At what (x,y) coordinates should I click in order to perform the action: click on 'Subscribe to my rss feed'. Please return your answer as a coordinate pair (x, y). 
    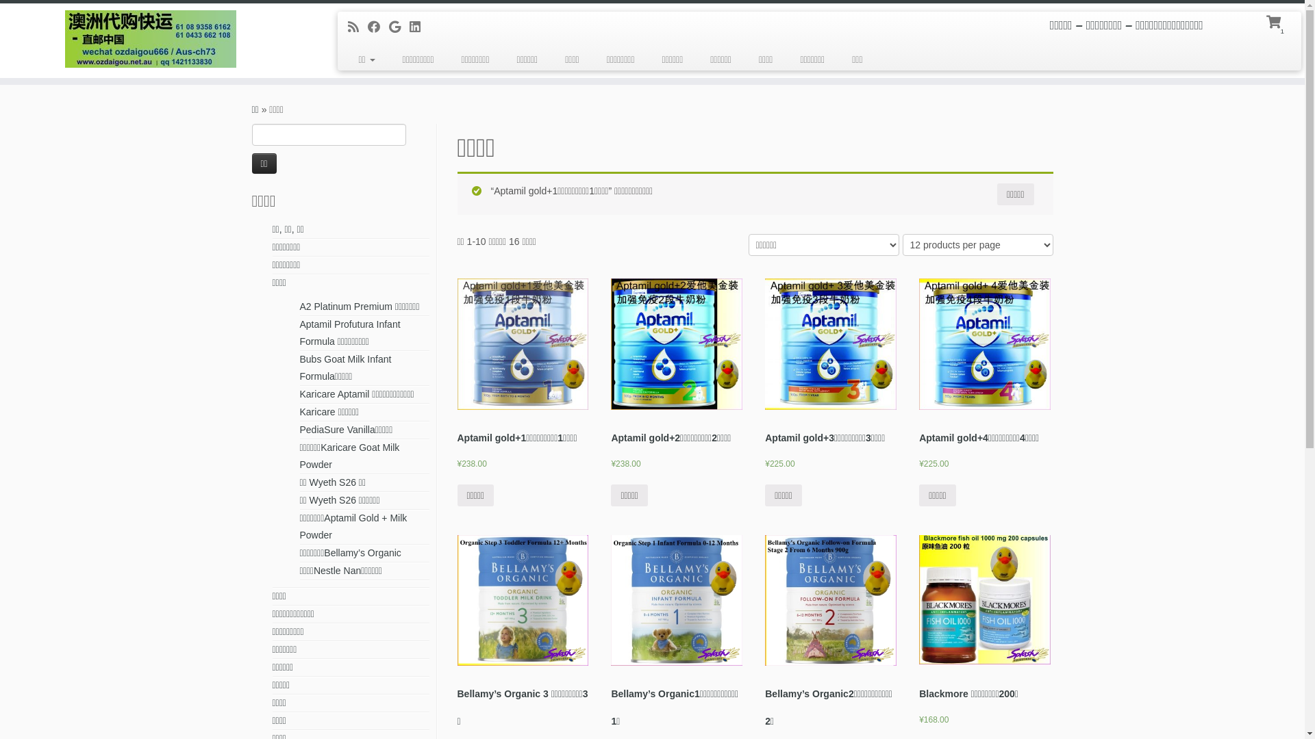
    Looking at the image, I should click on (358, 27).